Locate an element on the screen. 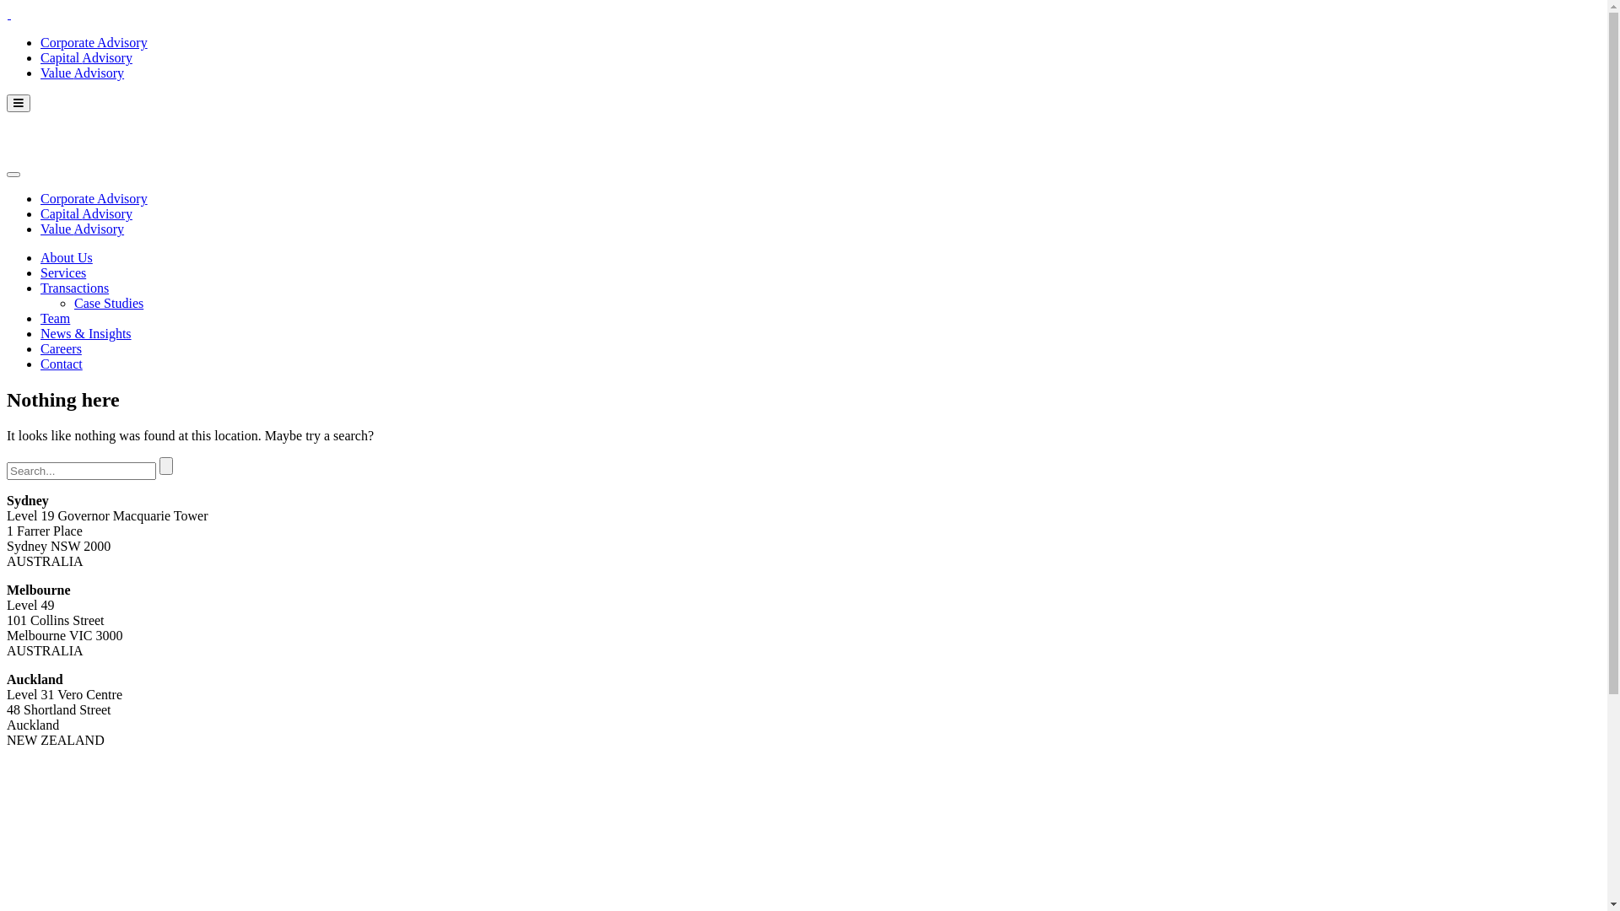 This screenshot has height=911, width=1620. 'About Us' is located at coordinates (66, 257).